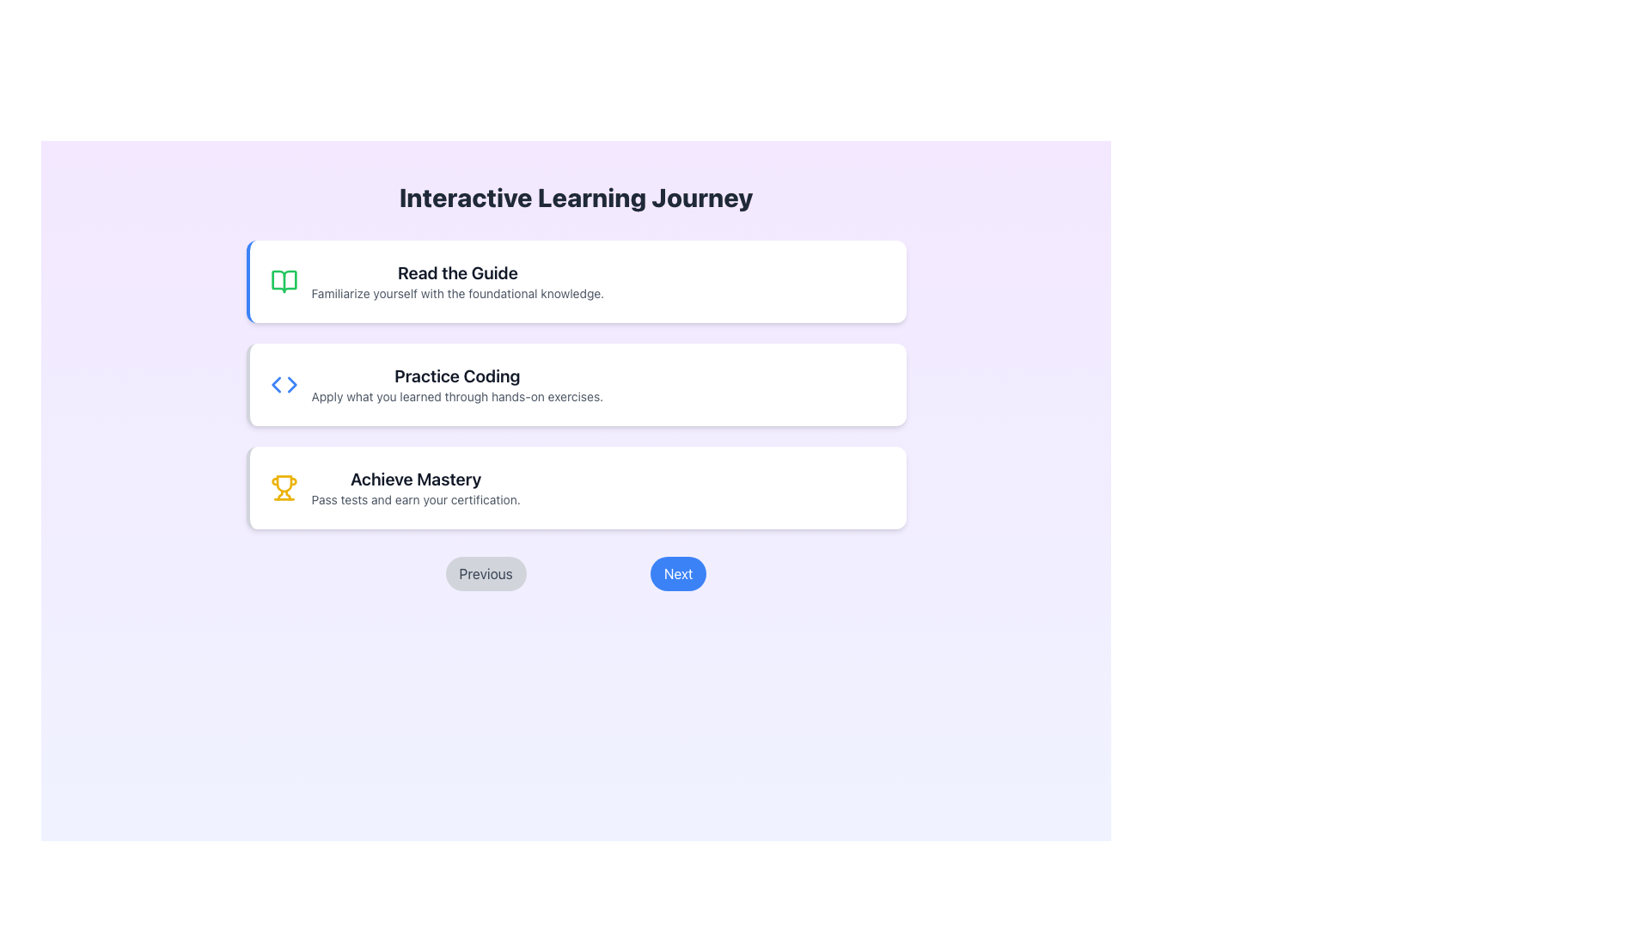 The image size is (1650, 928). What do you see at coordinates (576, 383) in the screenshot?
I see `the 'Practice Coding' card component, which is the middle card in a vertical stack of three cards under the header 'Interactive Learning Journey'` at bounding box center [576, 383].